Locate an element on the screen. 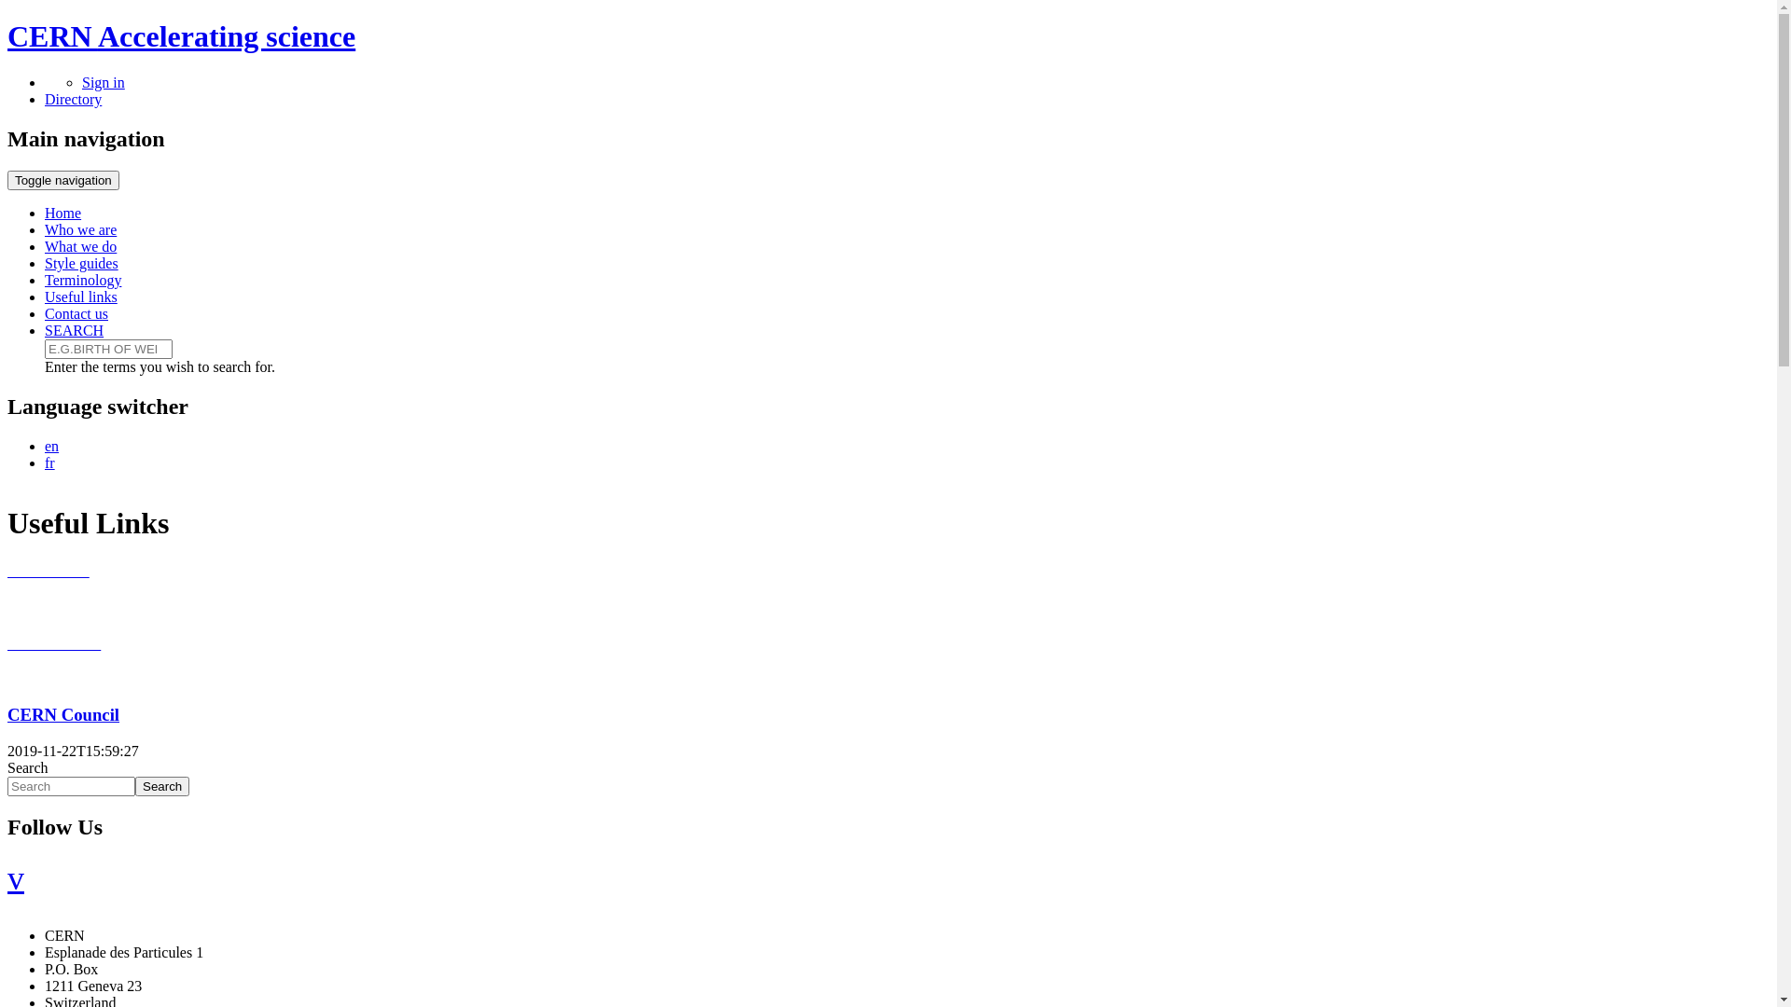 Image resolution: width=1791 pixels, height=1007 pixels. 'News CERN' is located at coordinates (53, 641).